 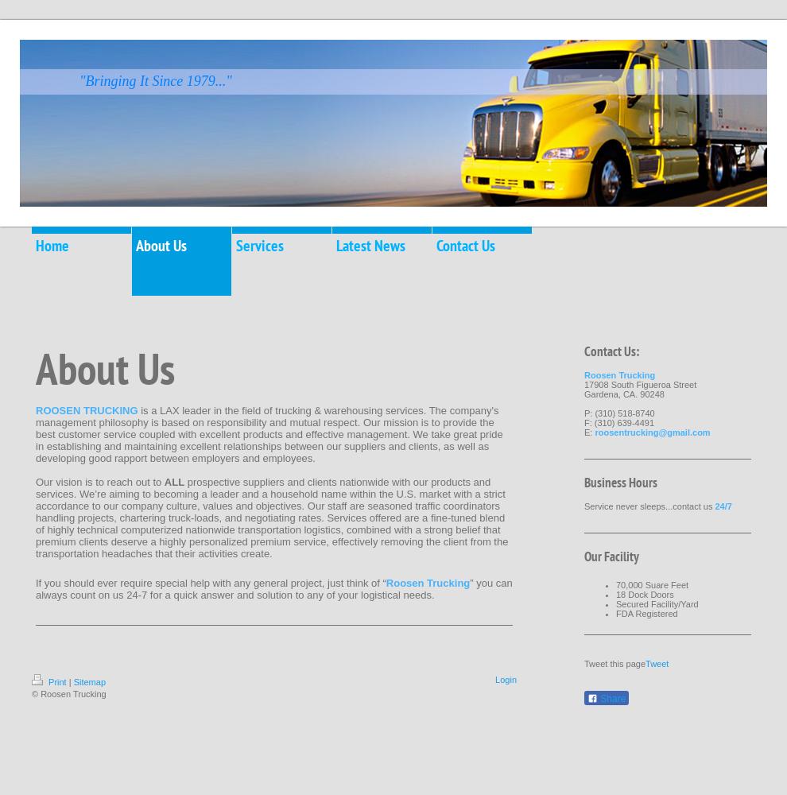 I want to click on 'ROOSEN TRUCKING', so click(x=87, y=410).